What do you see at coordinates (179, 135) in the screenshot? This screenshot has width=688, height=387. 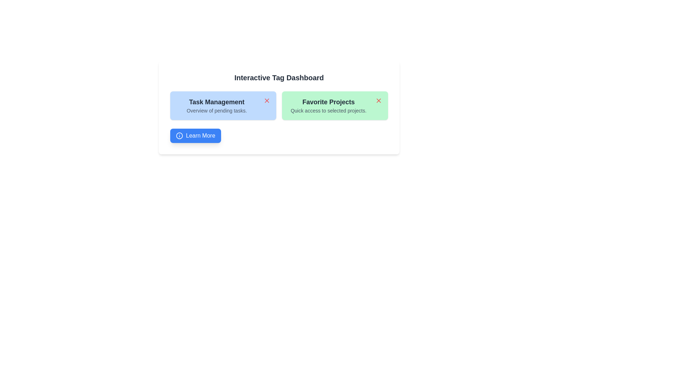 I see `the circular icon that serves as a visual cue for the 'Learn More' button by clicking on it` at bounding box center [179, 135].